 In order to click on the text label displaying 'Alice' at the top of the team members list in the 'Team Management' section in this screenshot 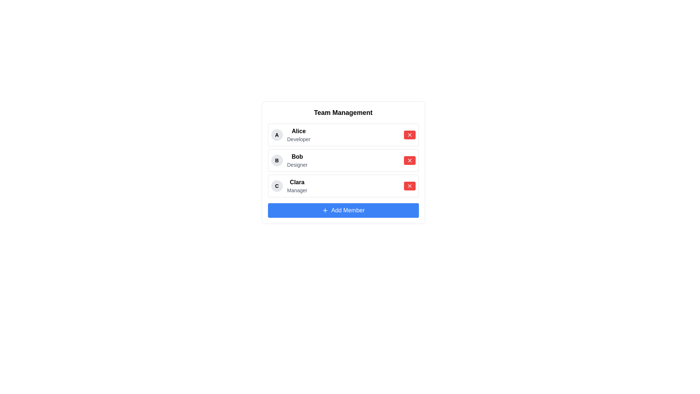, I will do `click(299, 131)`.